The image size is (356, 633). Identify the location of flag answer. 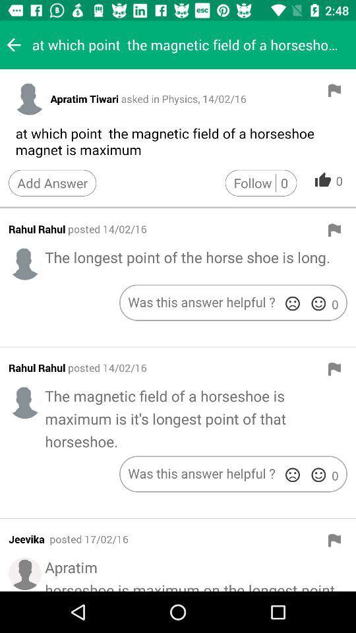
(334, 90).